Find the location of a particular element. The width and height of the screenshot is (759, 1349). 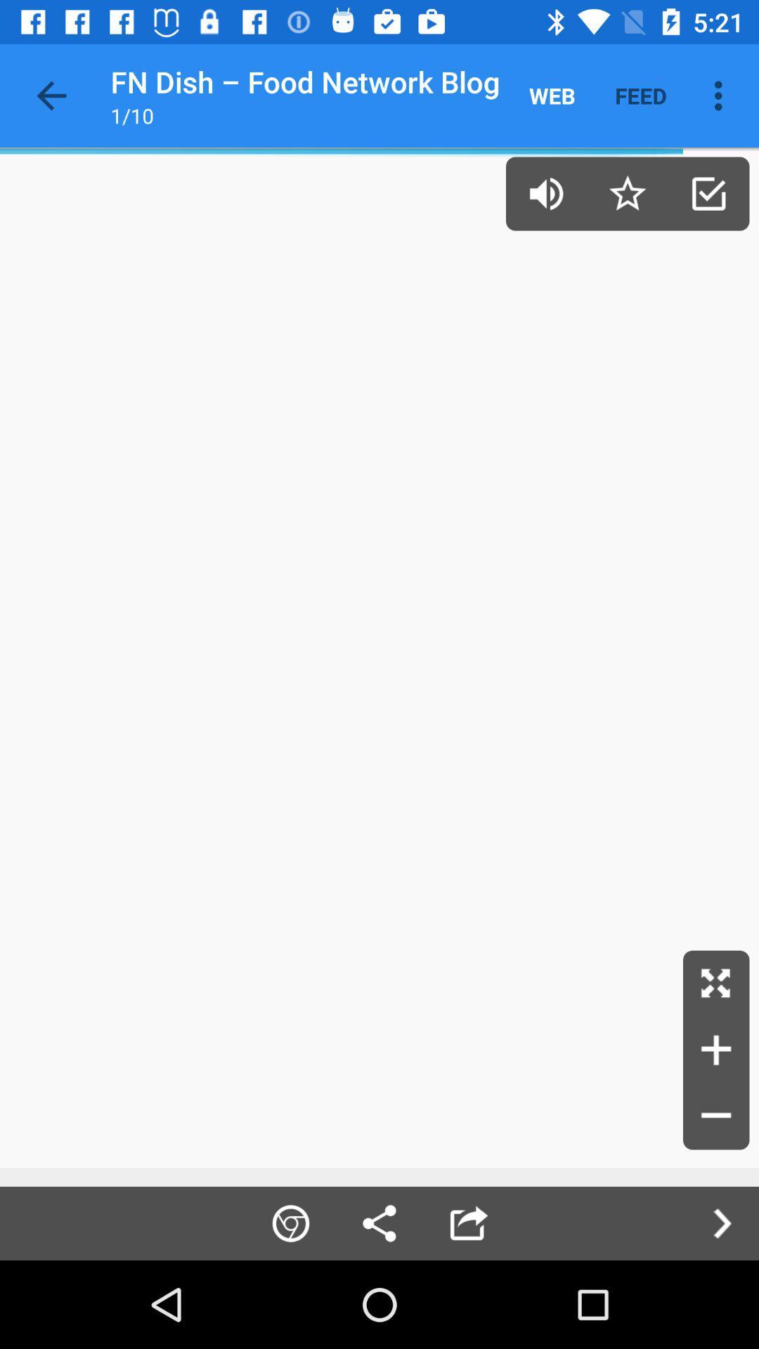

widescreen is located at coordinates (716, 983).